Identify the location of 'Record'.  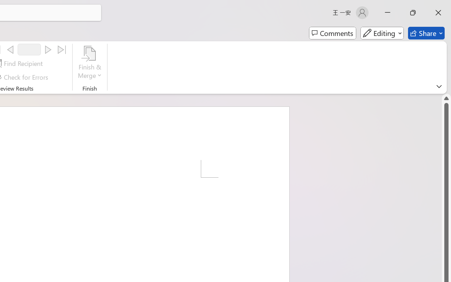
(29, 49).